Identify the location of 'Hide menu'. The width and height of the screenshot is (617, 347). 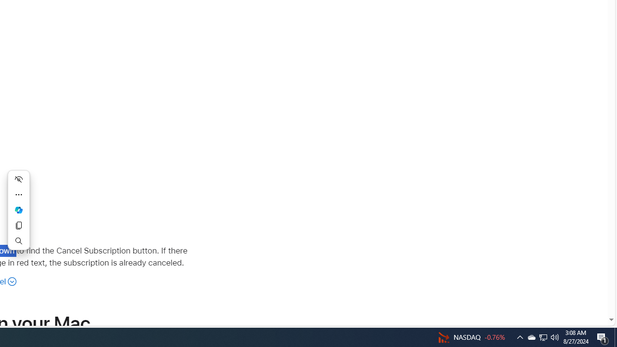
(19, 179).